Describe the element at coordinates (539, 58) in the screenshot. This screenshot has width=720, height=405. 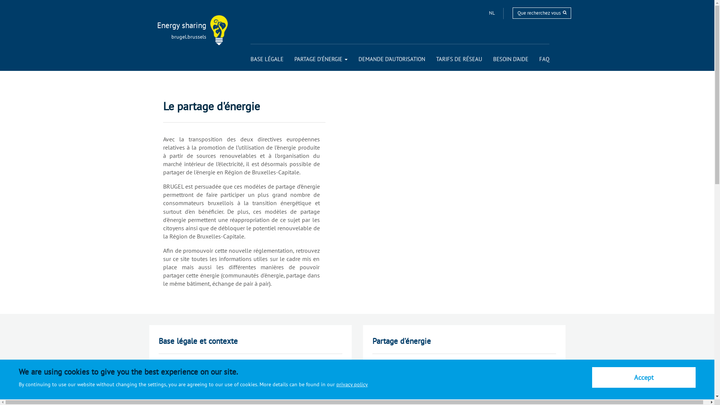
I see `'FAQ'` at that location.